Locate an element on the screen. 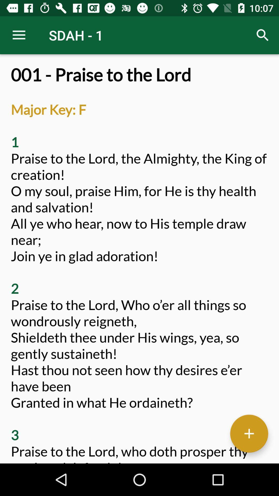  the item next to the sdah - 1 icon is located at coordinates (263, 35).